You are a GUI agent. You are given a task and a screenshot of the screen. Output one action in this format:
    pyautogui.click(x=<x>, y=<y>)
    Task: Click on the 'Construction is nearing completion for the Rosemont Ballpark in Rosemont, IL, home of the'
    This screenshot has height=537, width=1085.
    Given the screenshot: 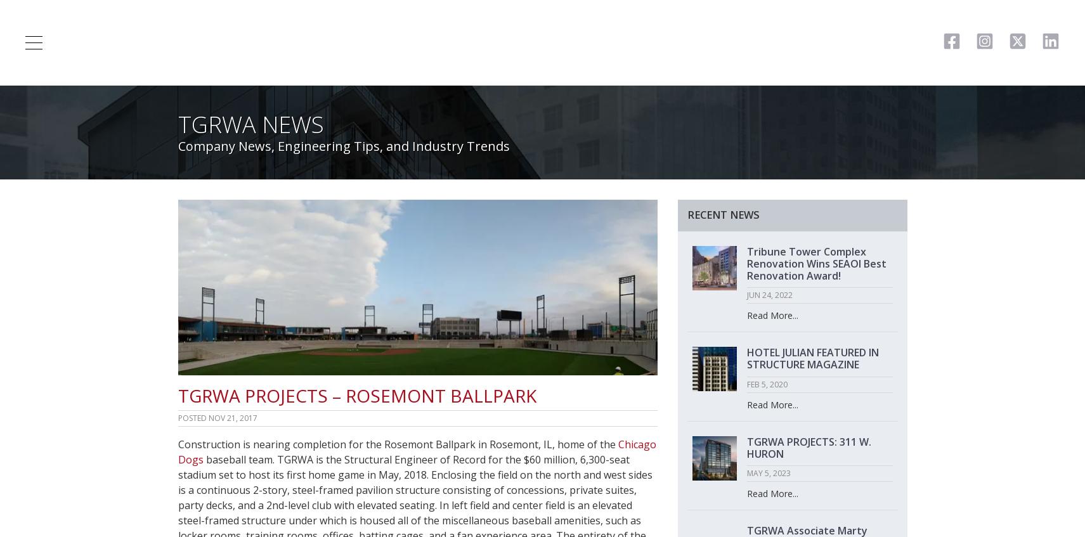 What is the action you would take?
    pyautogui.click(x=176, y=443)
    